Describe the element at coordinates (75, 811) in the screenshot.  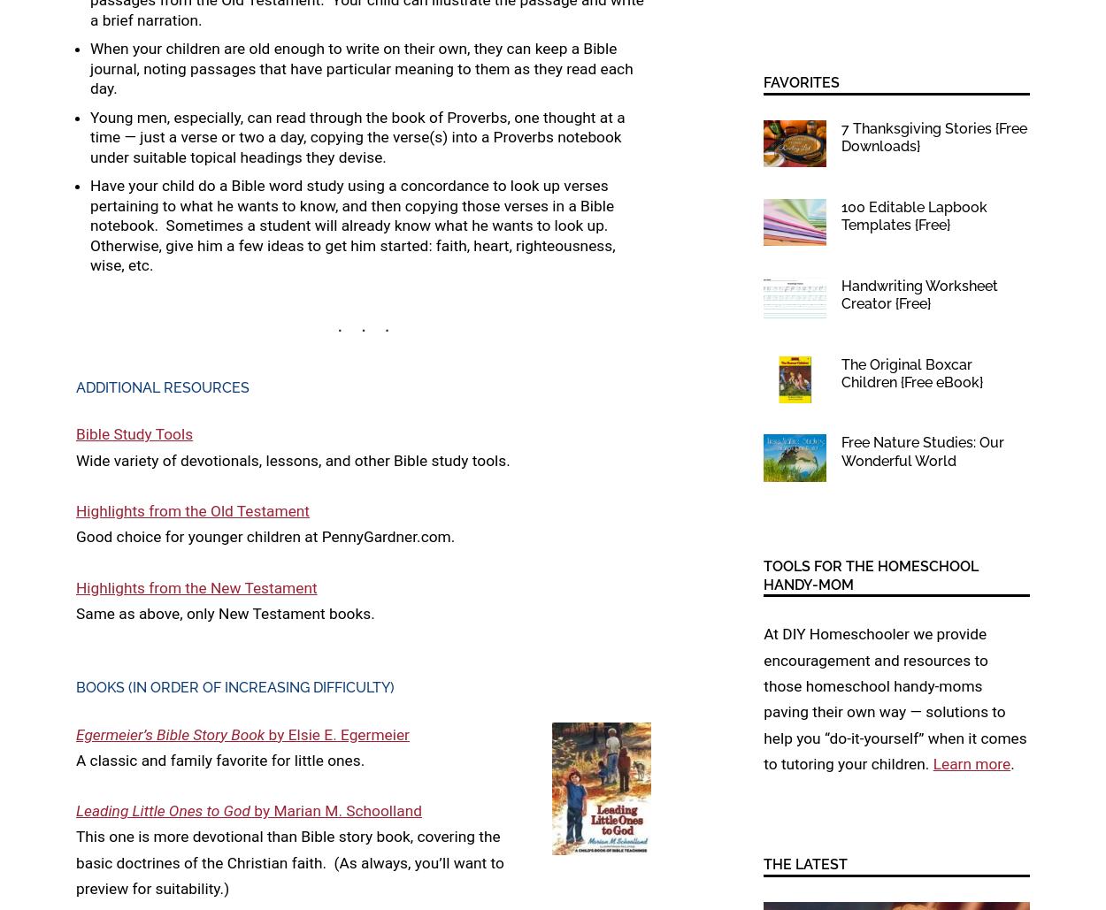
I see `'Leading Little Ones to God'` at that location.